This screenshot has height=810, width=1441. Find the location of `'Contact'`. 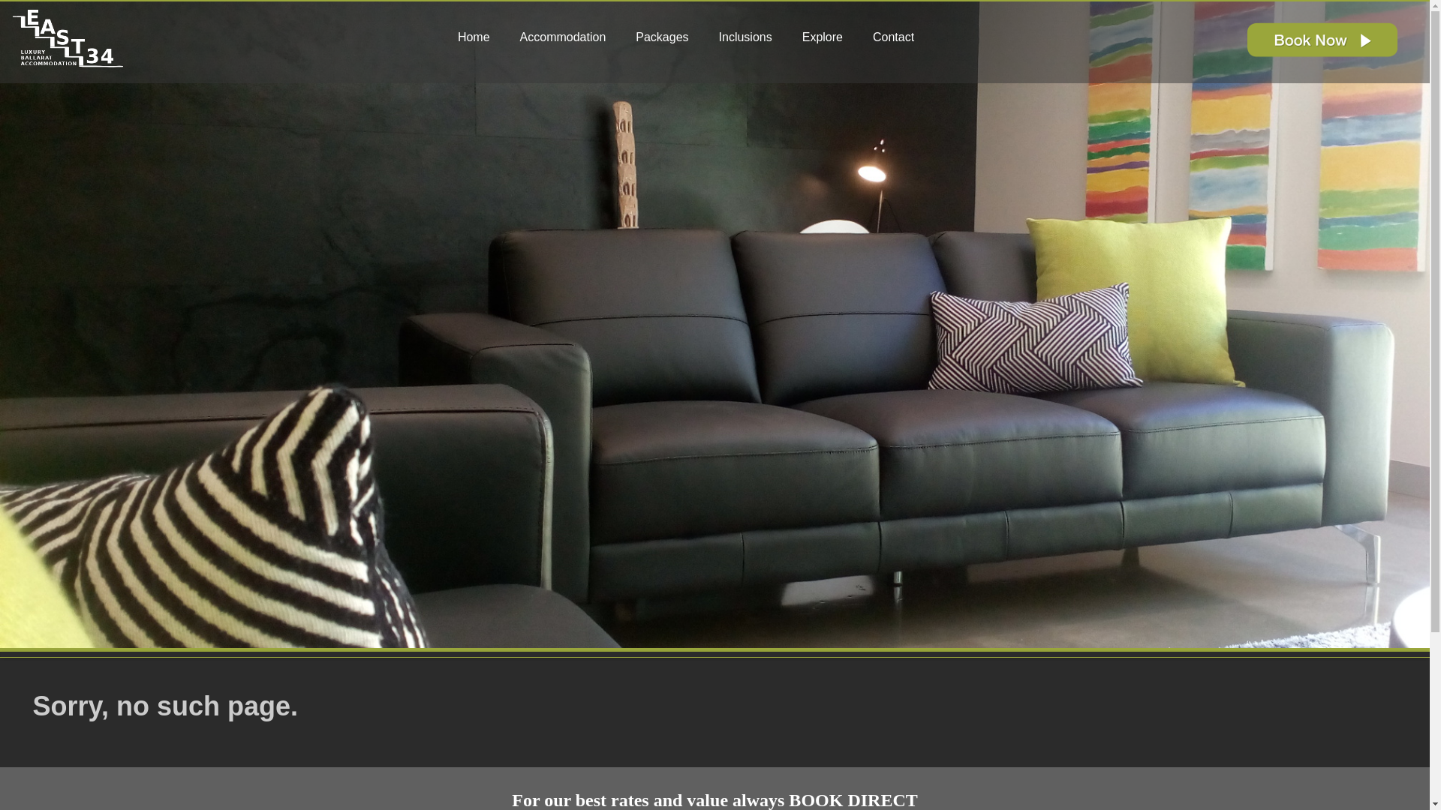

'Contact' is located at coordinates (899, 37).